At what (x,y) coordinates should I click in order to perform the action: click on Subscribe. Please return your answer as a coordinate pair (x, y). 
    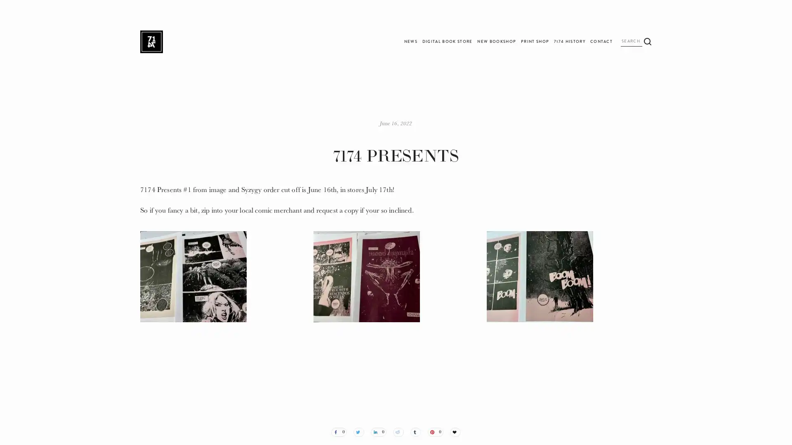
    Looking at the image, I should click on (466, 241).